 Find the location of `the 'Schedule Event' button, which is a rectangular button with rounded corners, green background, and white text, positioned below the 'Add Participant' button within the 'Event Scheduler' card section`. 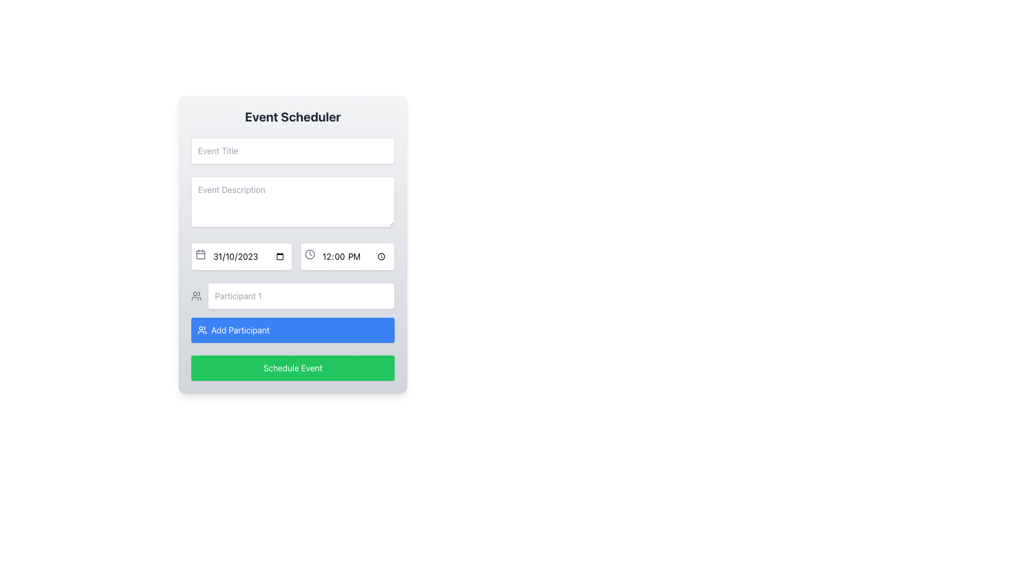

the 'Schedule Event' button, which is a rectangular button with rounded corners, green background, and white text, positioned below the 'Add Participant' button within the 'Event Scheduler' card section is located at coordinates (293, 367).